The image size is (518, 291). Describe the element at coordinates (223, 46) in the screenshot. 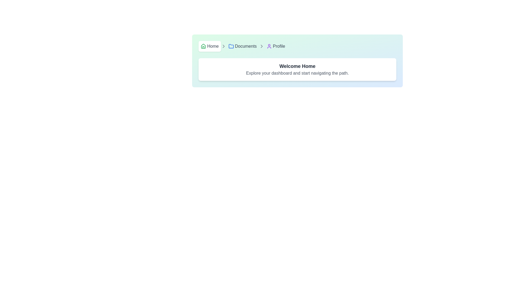

I see `the breadcrumb separator icon which is the second component in the navigation bar, positioned between the 'Home' label and the 'Documents' link` at that location.